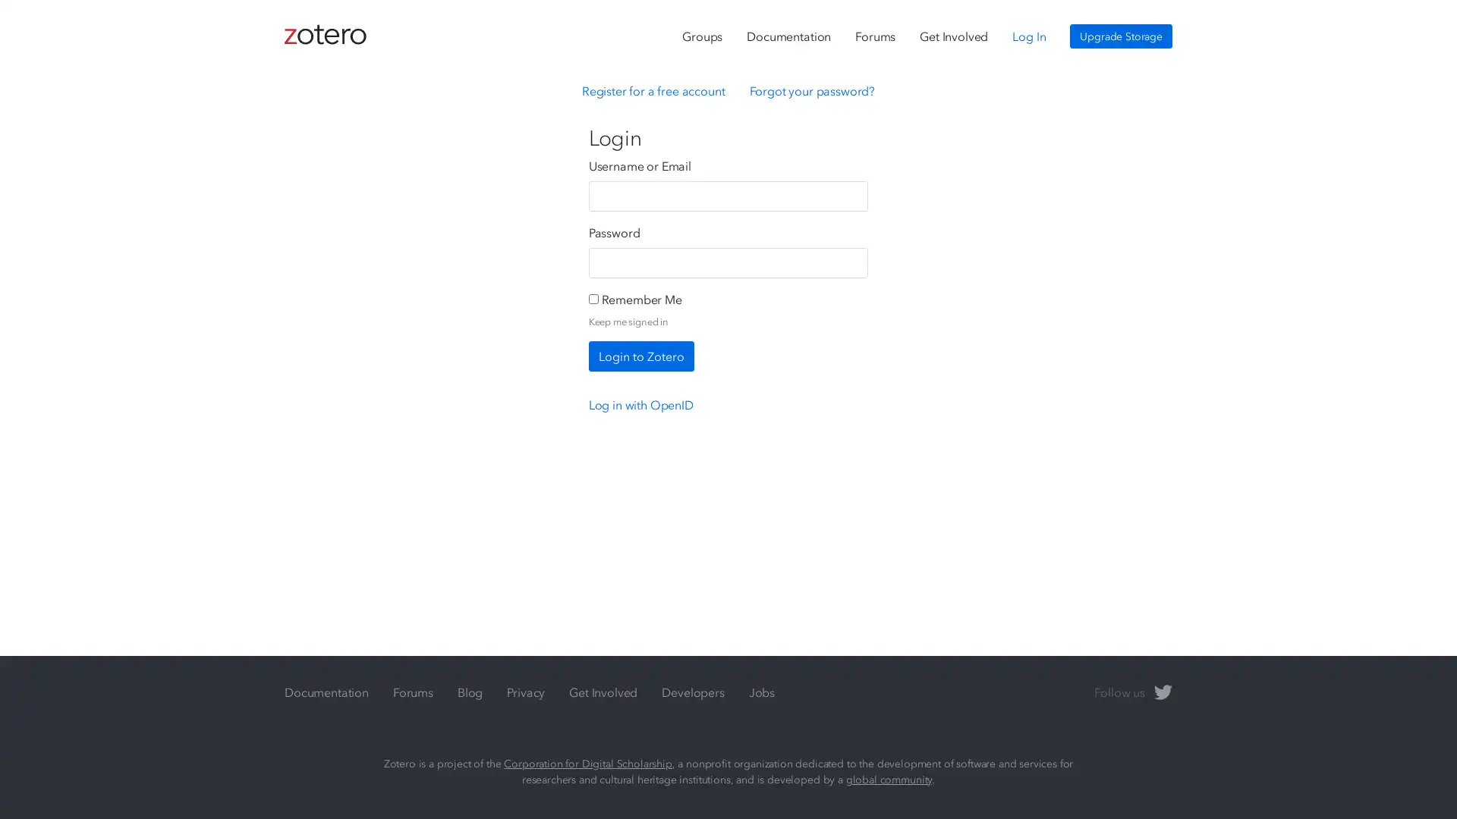 This screenshot has height=819, width=1457. What do you see at coordinates (640, 356) in the screenshot?
I see `Login to Zotero` at bounding box center [640, 356].